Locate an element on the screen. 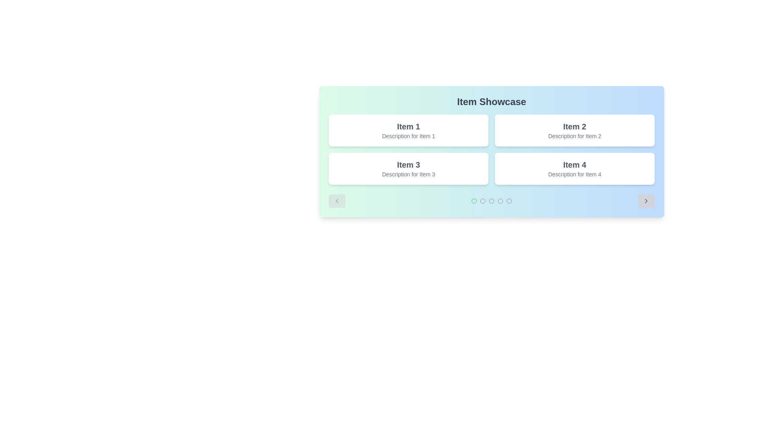  the title text element that serves as the heading for the associated card, located in the top-left quadrant of the grid structure is located at coordinates (408, 126).